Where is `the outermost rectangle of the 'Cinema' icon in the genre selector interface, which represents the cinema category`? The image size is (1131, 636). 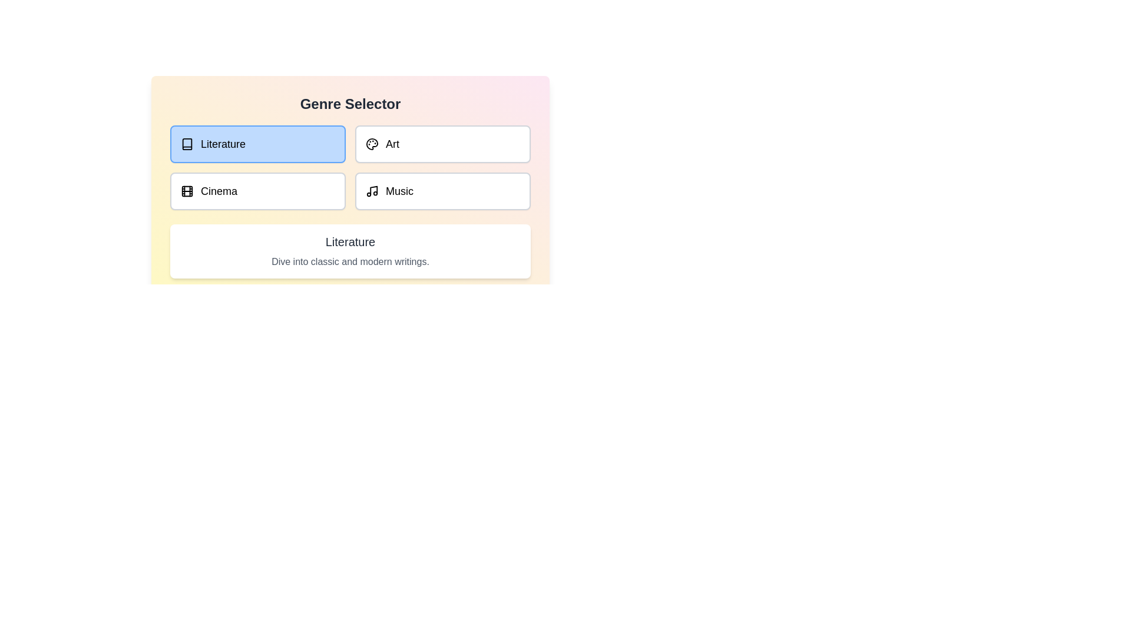
the outermost rectangle of the 'Cinema' icon in the genre selector interface, which represents the cinema category is located at coordinates (186, 190).